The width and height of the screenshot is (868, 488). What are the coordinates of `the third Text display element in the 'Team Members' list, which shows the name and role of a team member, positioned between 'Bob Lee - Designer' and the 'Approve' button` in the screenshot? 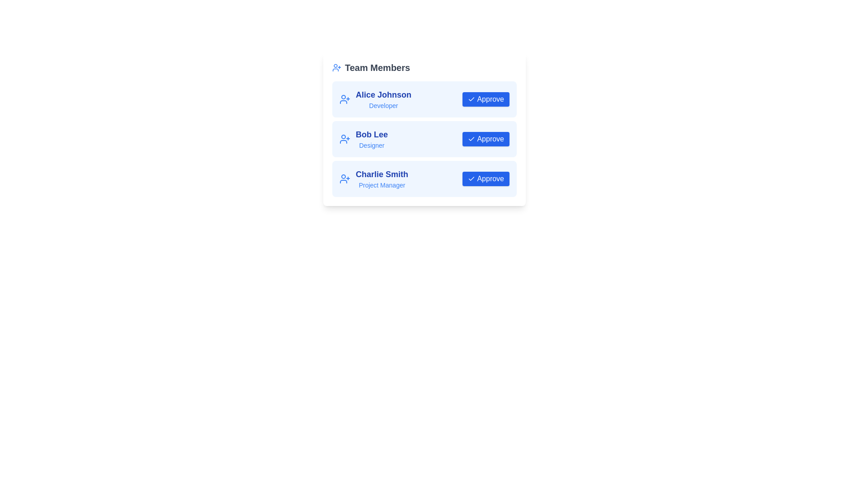 It's located at (382, 179).